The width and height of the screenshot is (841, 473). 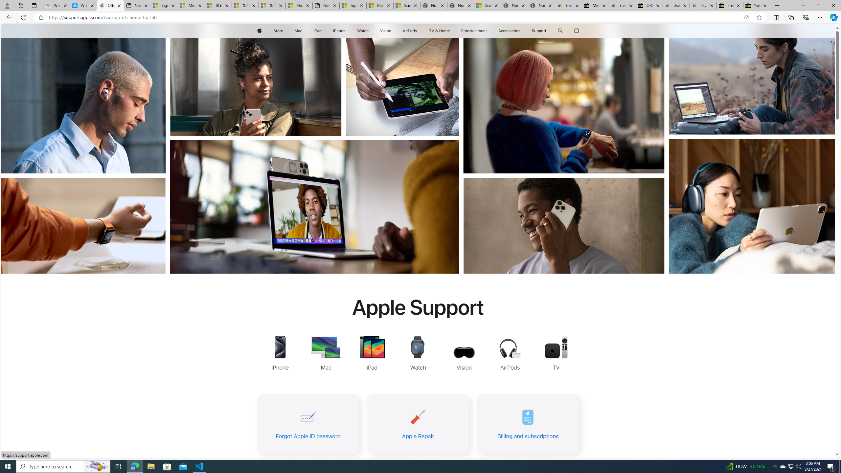 I want to click on 'Accessories', so click(x=509, y=31).